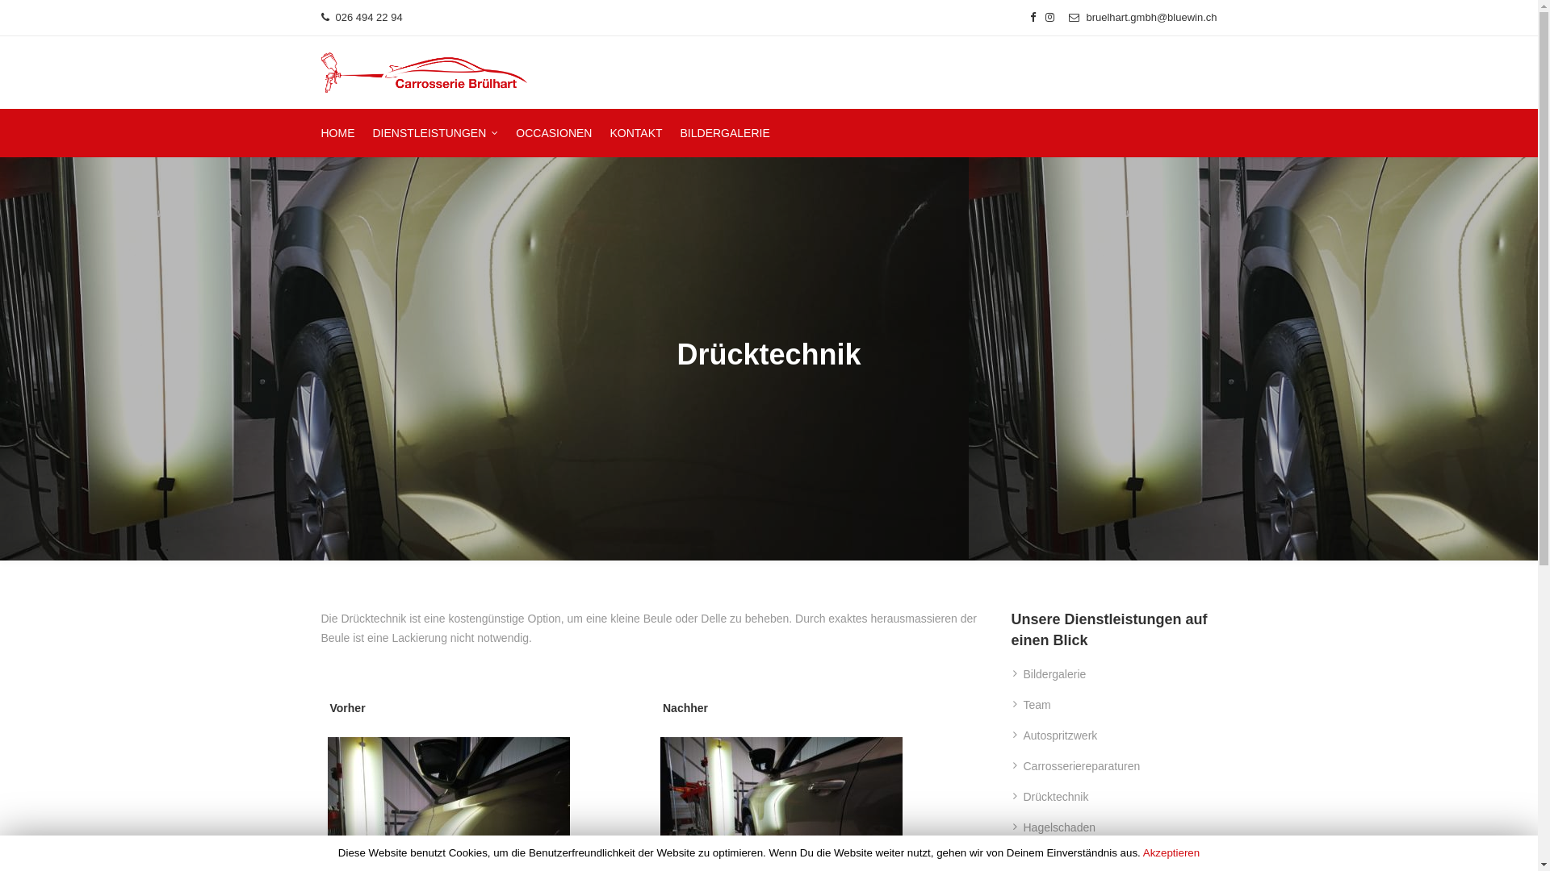 This screenshot has width=1550, height=871. I want to click on 'OCCASIONEN', so click(514, 132).